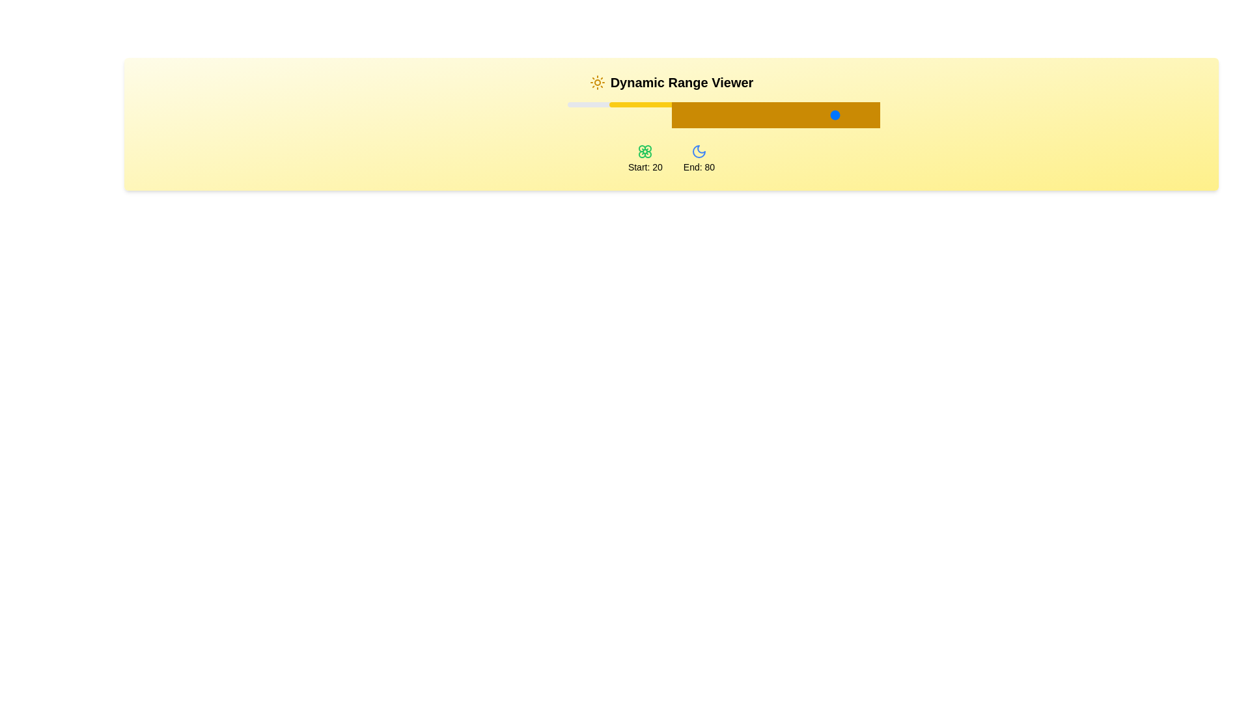 The height and width of the screenshot is (703, 1250). Describe the element at coordinates (699, 150) in the screenshot. I see `the crescent moon icon that indicates a nighttime theme, located at the top-center of the interface near the title label 'Dynamic Range Viewer'` at that location.